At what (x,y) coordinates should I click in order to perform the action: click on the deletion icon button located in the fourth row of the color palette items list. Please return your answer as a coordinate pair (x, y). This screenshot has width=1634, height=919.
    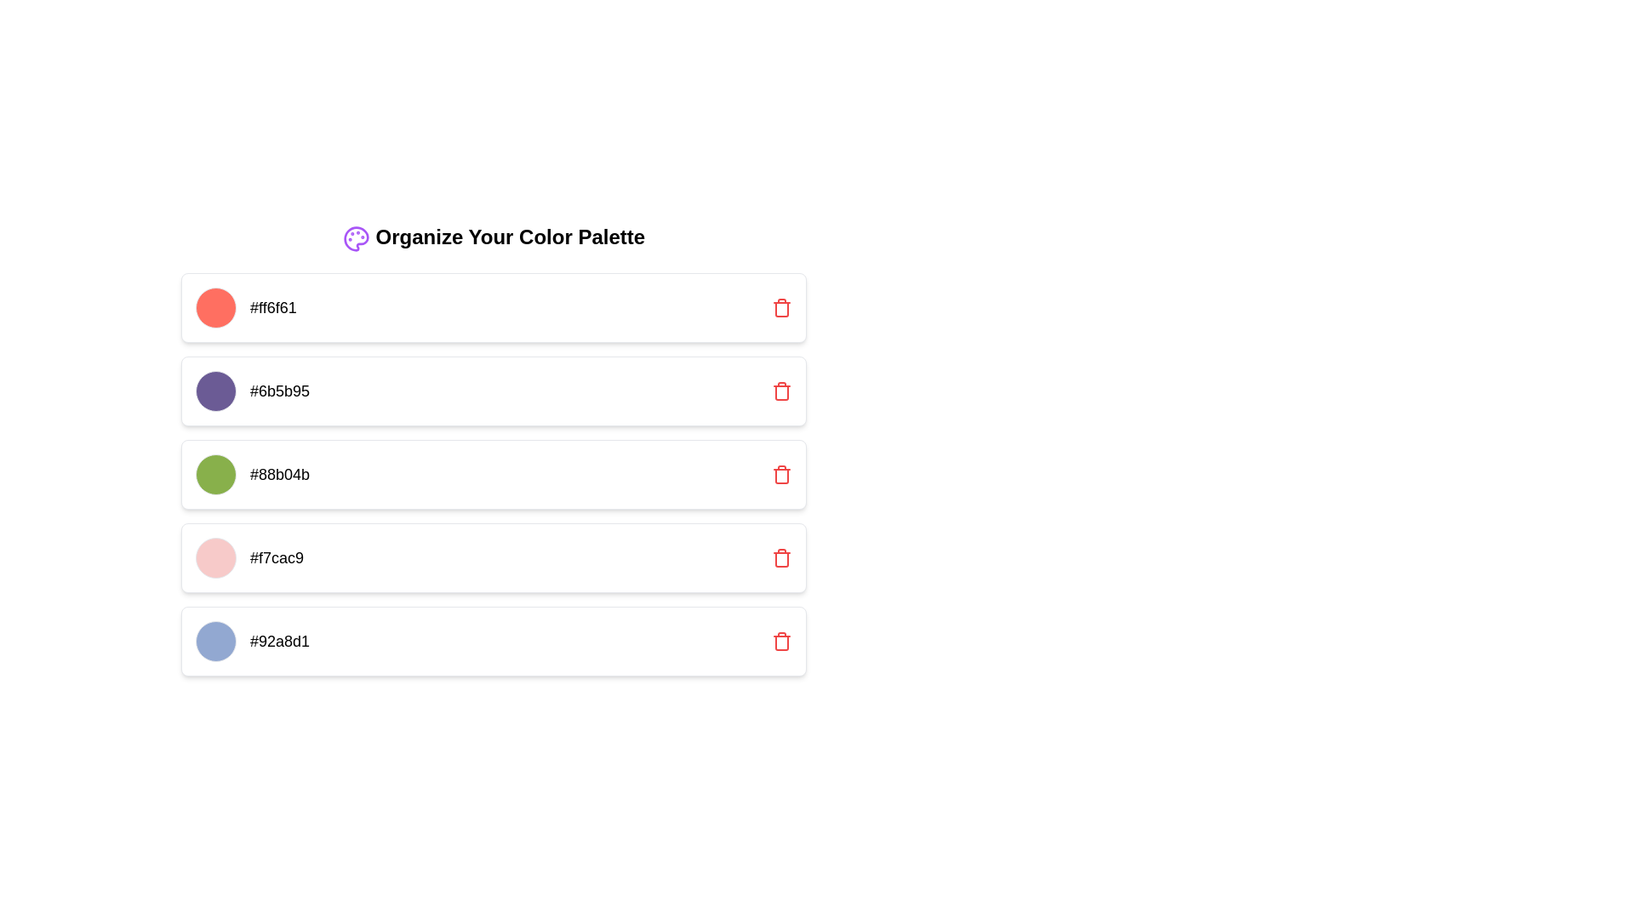
    Looking at the image, I should click on (780, 557).